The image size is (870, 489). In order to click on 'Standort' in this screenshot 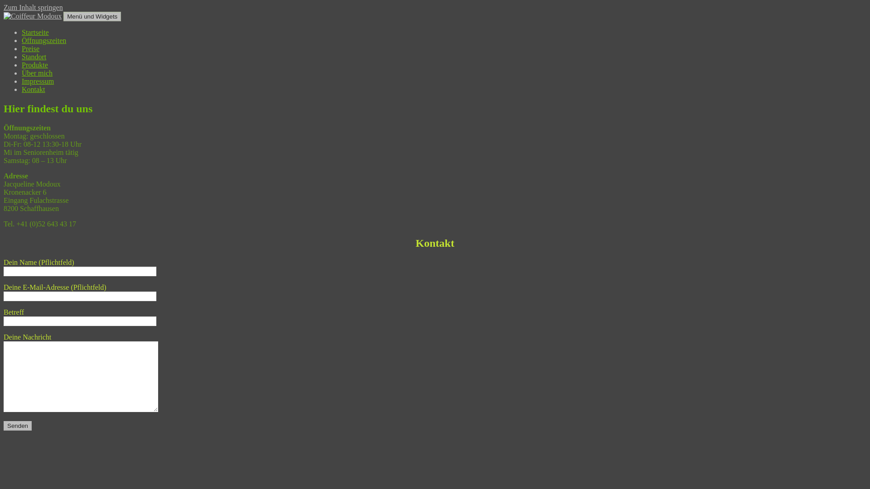, I will do `click(34, 57)`.